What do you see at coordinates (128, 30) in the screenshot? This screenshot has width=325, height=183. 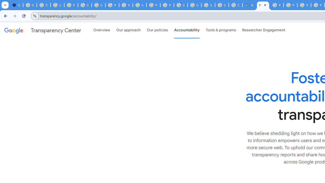 I see `'Our approach'` at bounding box center [128, 30].